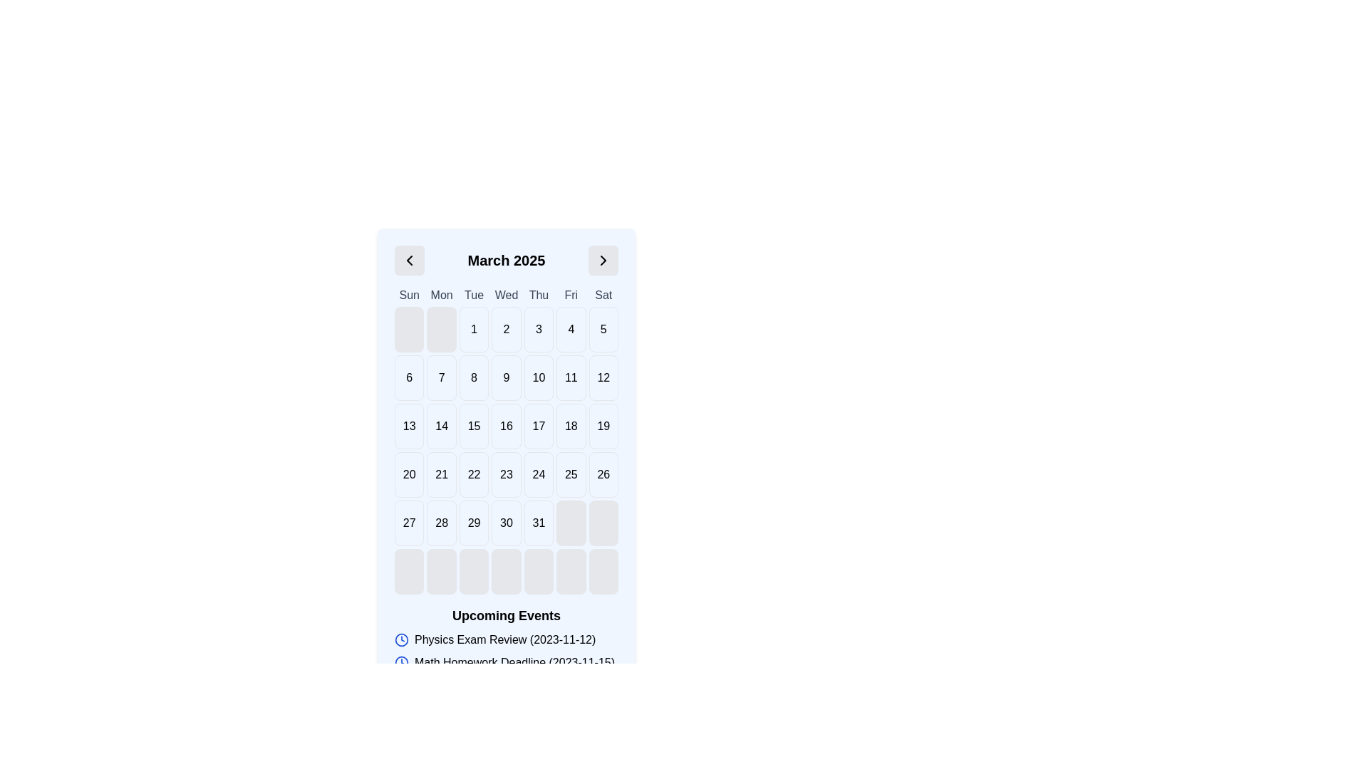  I want to click on the Calendar Day Cell containing the number '14', which is styled in bold black font and has a white background with rounded corners, so click(441, 425).